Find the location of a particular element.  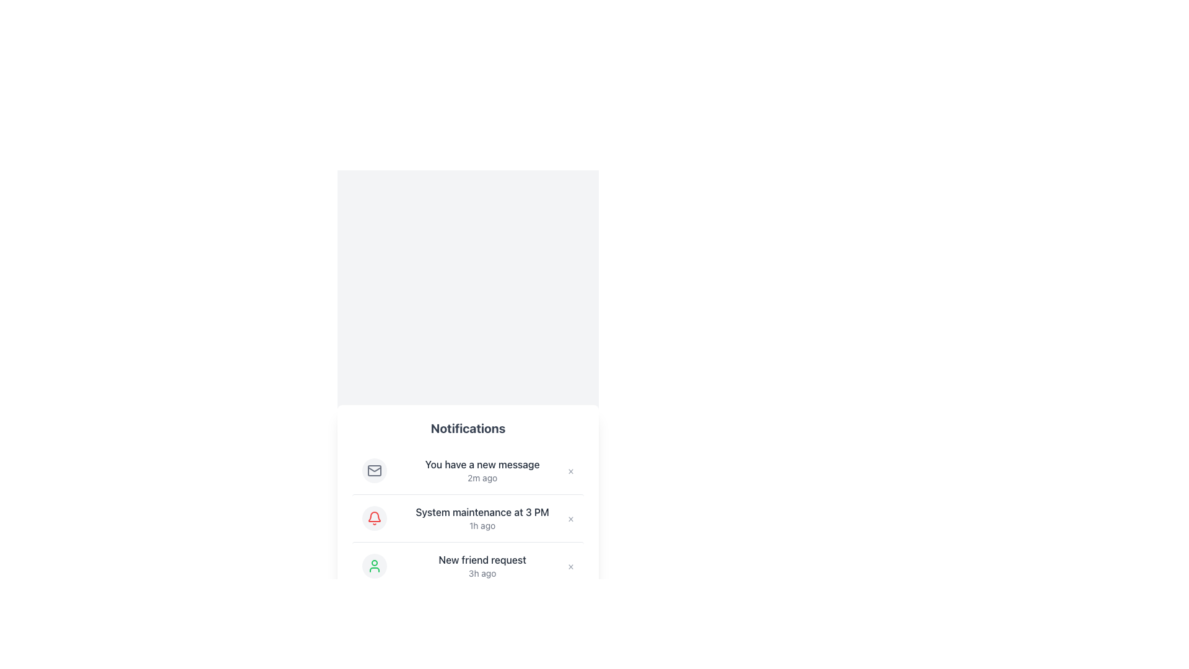

the notification title text that informs the user about a new message is located at coordinates (482, 464).